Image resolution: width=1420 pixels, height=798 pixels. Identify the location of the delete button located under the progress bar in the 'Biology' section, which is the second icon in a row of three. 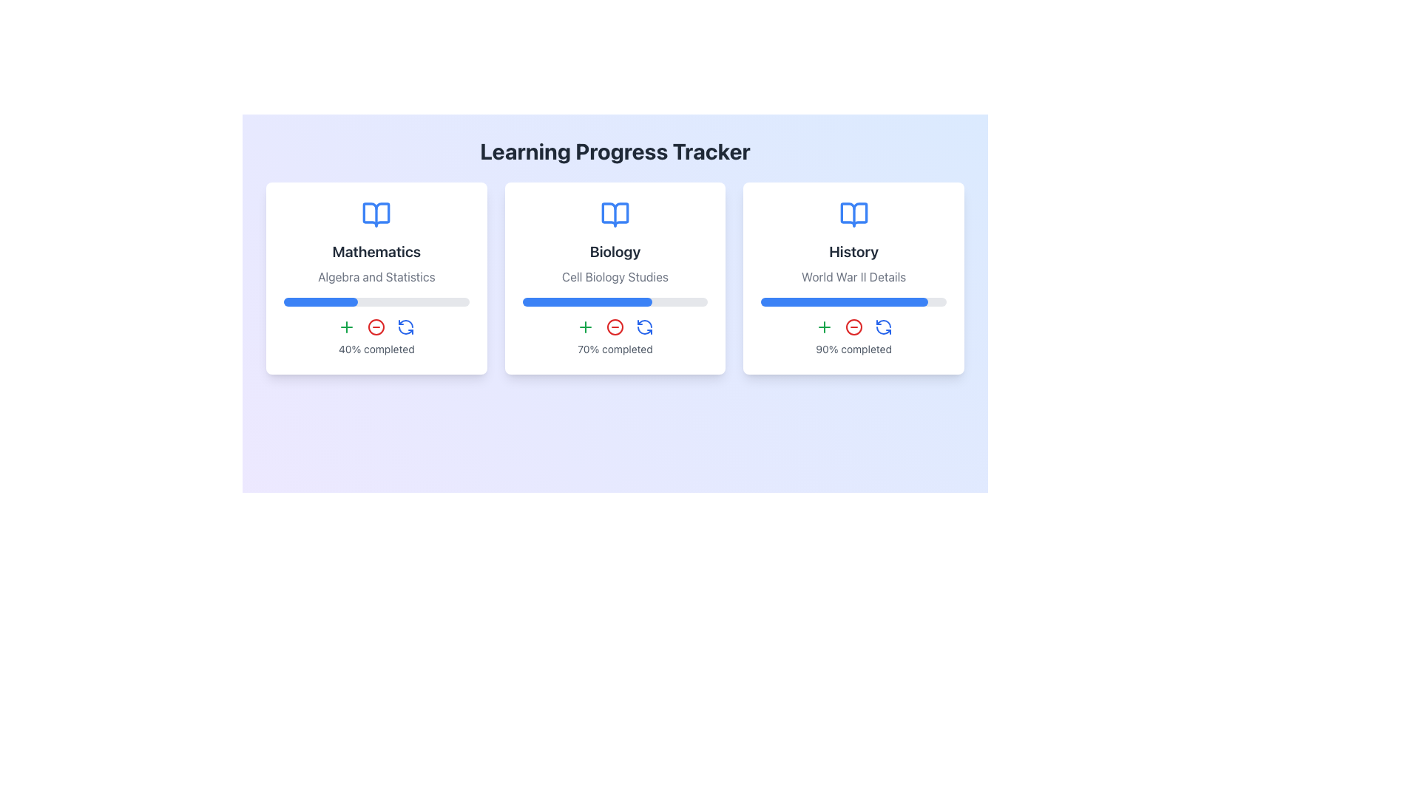
(615, 327).